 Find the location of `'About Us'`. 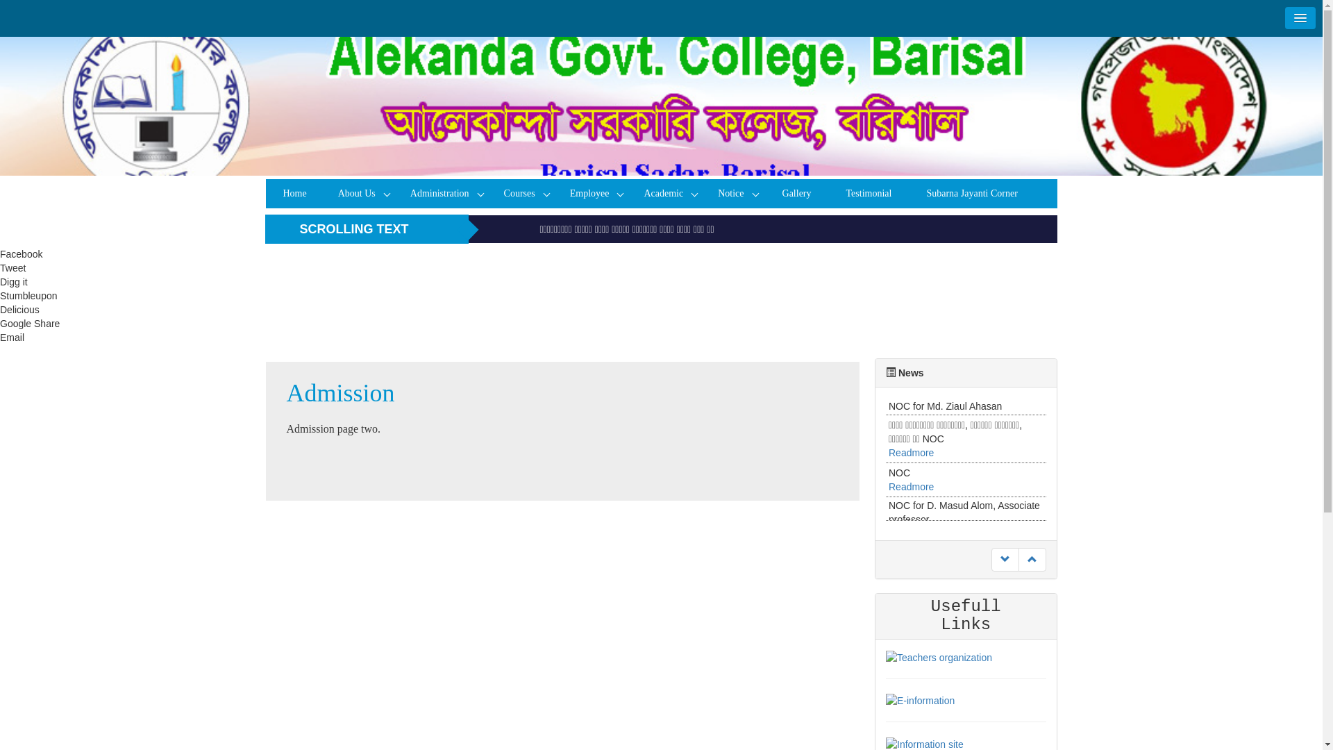

'About Us' is located at coordinates (360, 193).